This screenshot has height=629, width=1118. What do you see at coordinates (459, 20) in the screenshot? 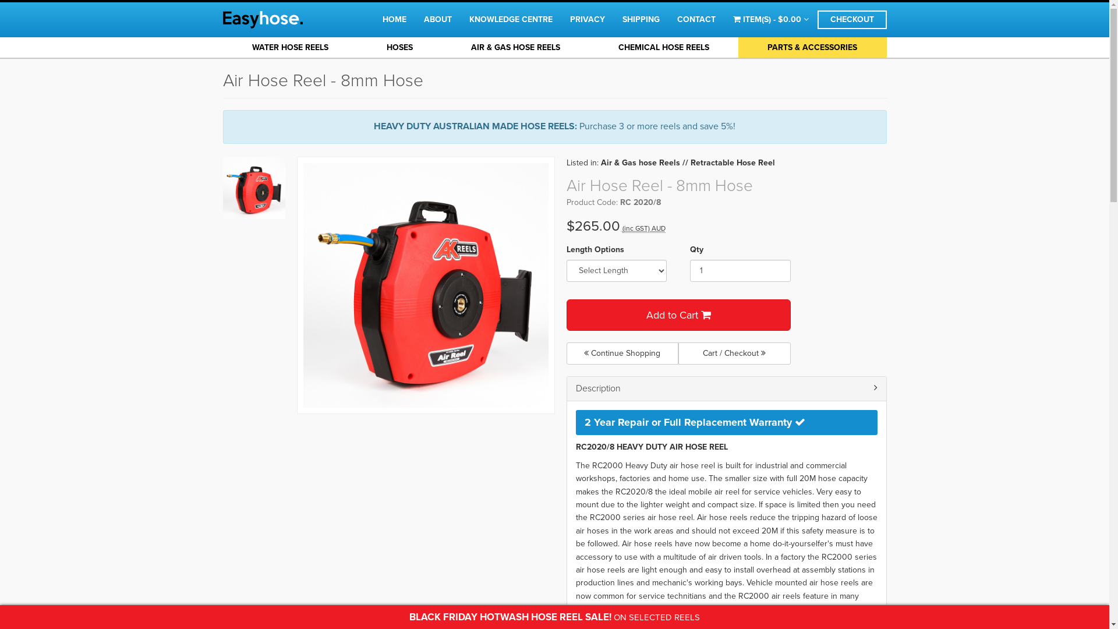
I see `'KNOWLEDGE CENTRE'` at bounding box center [459, 20].